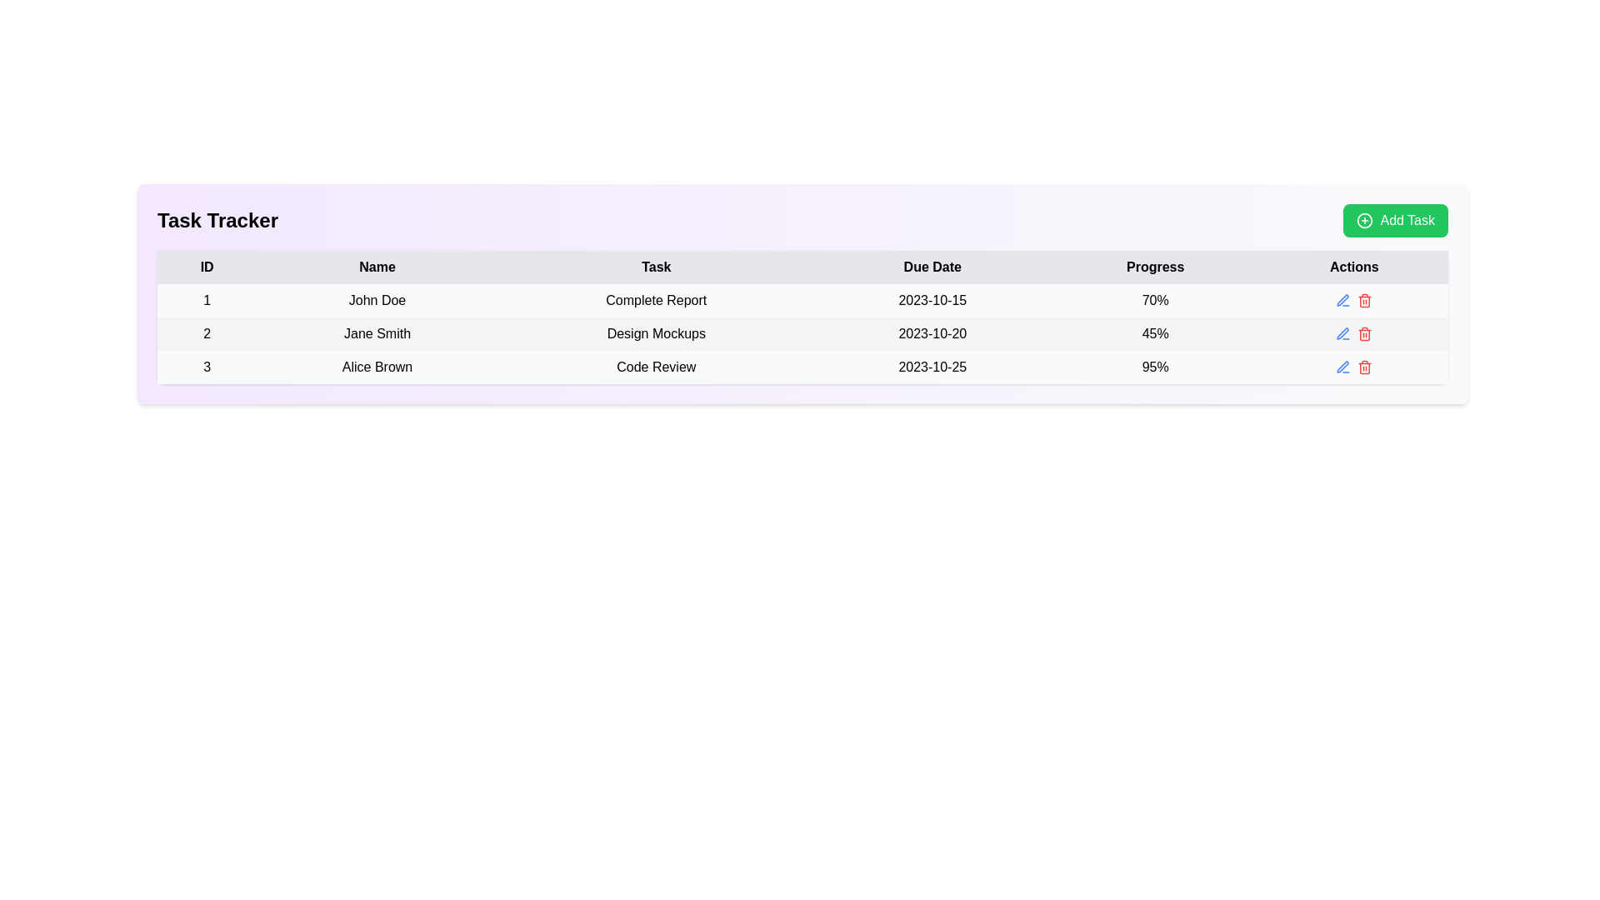 The height and width of the screenshot is (900, 1600). I want to click on the text label displaying '45%' in black characters, located in the second row of the table under the column labeled 'Progress', so click(1154, 334).